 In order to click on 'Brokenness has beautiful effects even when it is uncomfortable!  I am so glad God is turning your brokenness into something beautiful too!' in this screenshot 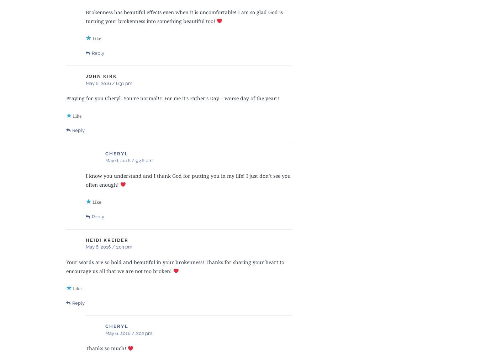, I will do `click(85, 16)`.